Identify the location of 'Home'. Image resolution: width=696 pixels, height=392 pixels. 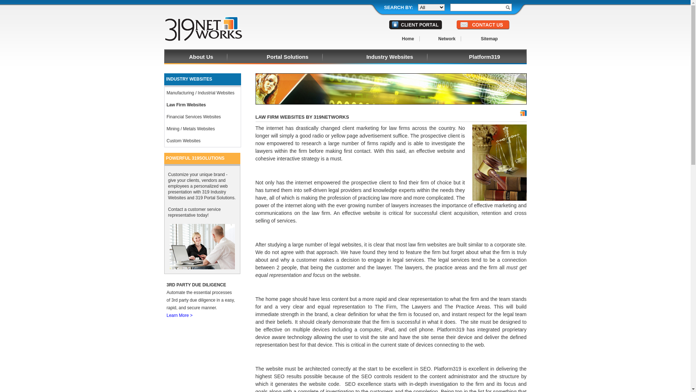
(408, 39).